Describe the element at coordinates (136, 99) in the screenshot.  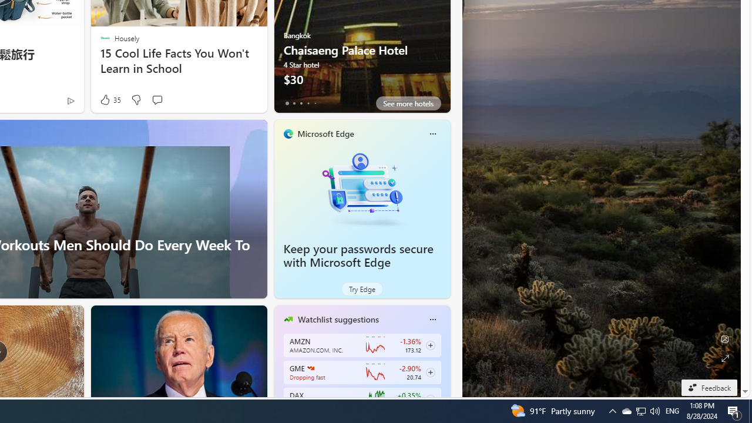
I see `'Dislike'` at that location.